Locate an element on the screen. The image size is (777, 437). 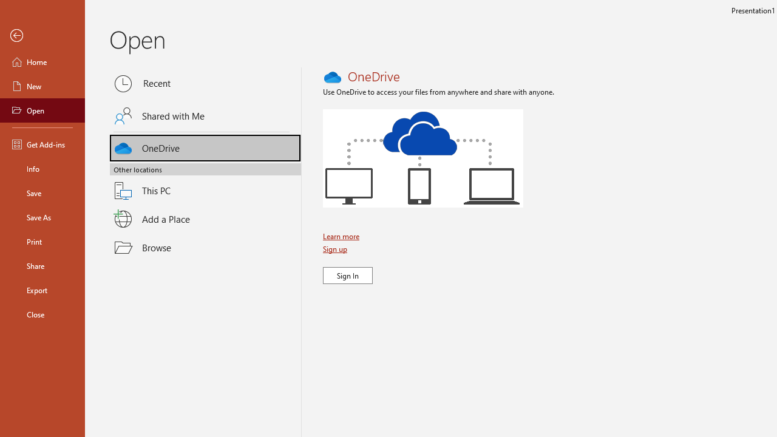
'Back' is located at coordinates (42, 35).